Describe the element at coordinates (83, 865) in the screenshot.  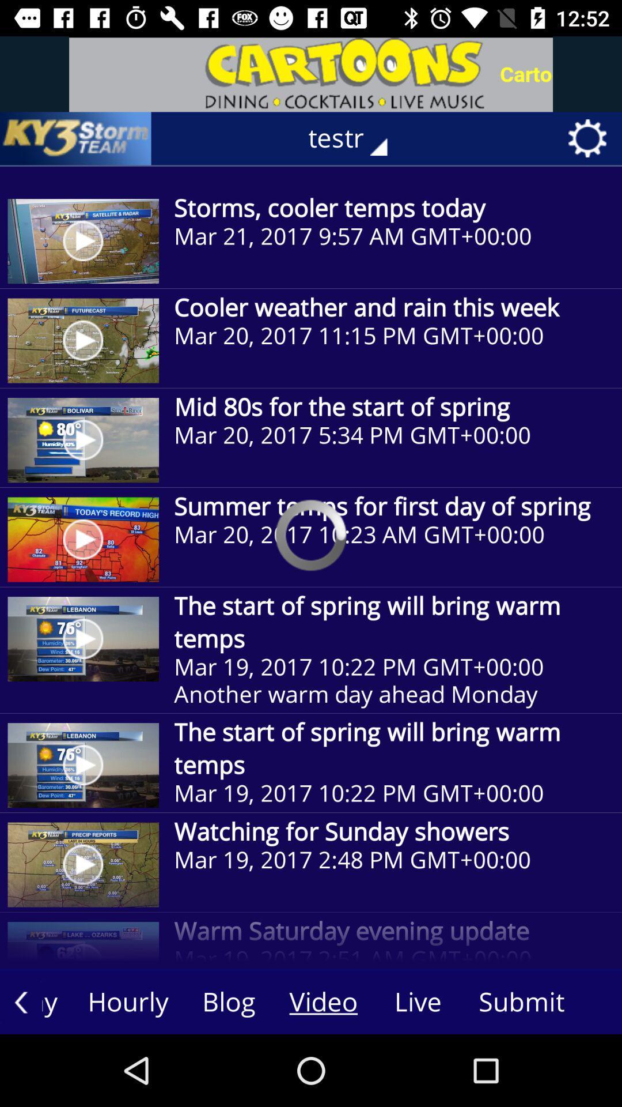
I see `the last image of the page` at that location.